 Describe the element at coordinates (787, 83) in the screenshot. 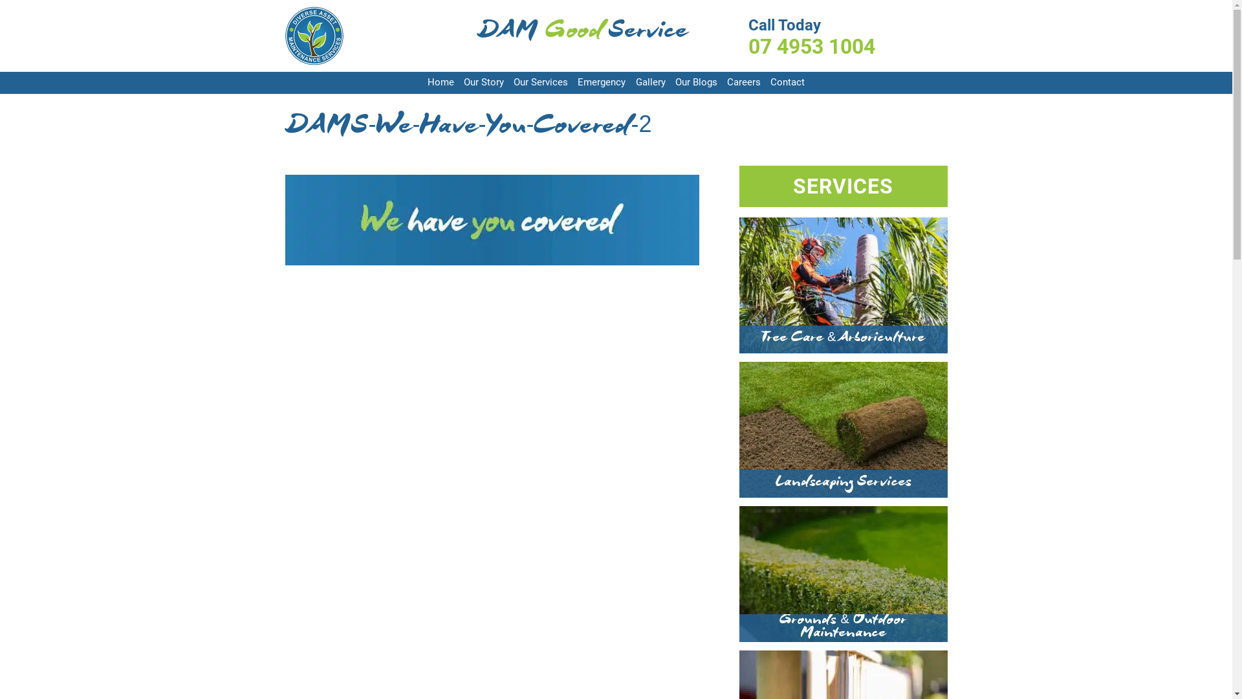

I see `'Contact'` at that location.